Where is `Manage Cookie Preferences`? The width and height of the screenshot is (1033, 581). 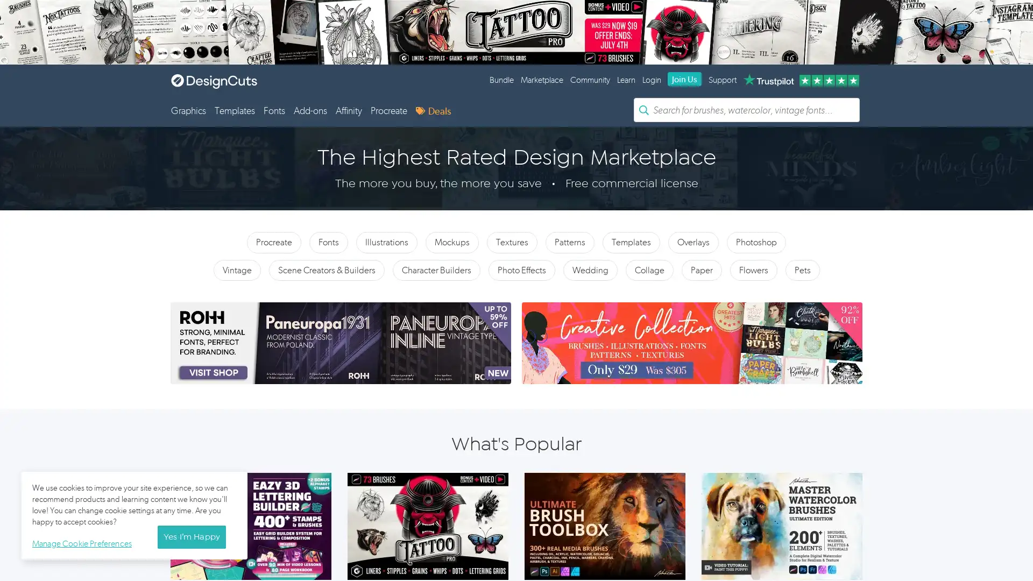 Manage Cookie Preferences is located at coordinates (84, 542).